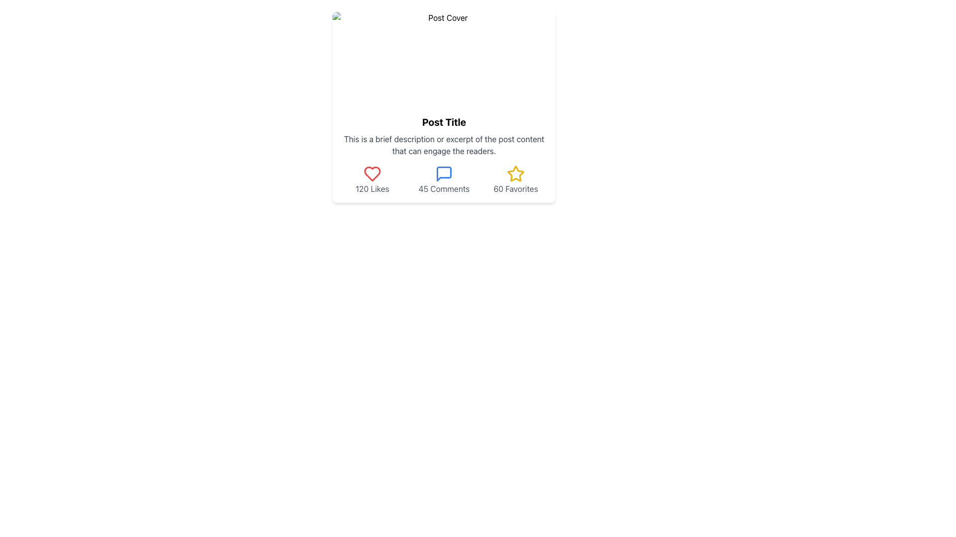 The height and width of the screenshot is (537, 956). What do you see at coordinates (516, 180) in the screenshot?
I see `the star icon in the interactive group at the bottom-center of the post card layout` at bounding box center [516, 180].